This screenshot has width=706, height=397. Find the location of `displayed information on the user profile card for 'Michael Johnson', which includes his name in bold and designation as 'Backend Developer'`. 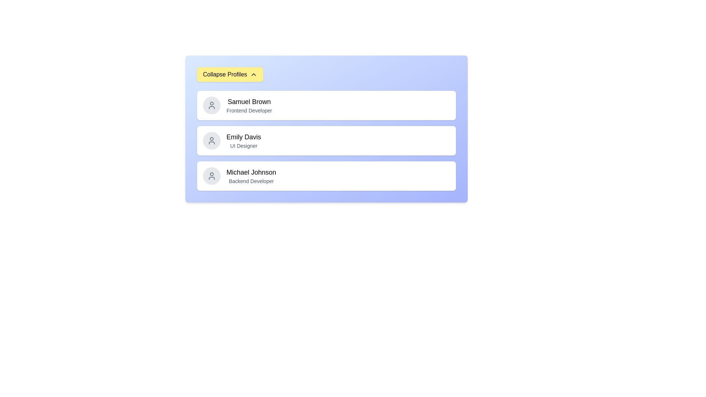

displayed information on the user profile card for 'Michael Johnson', which includes his name in bold and designation as 'Backend Developer' is located at coordinates (326, 176).